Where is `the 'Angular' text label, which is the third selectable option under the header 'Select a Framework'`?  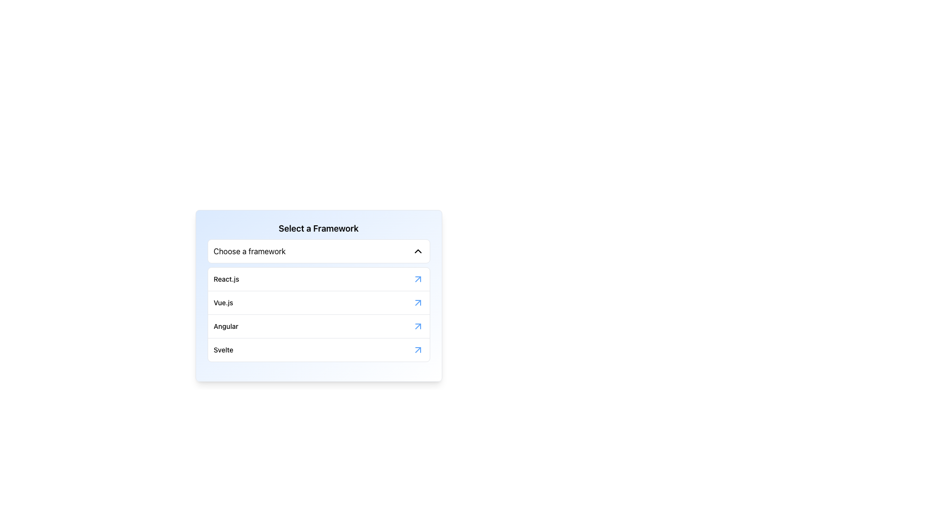
the 'Angular' text label, which is the third selectable option under the header 'Select a Framework' is located at coordinates (225, 326).